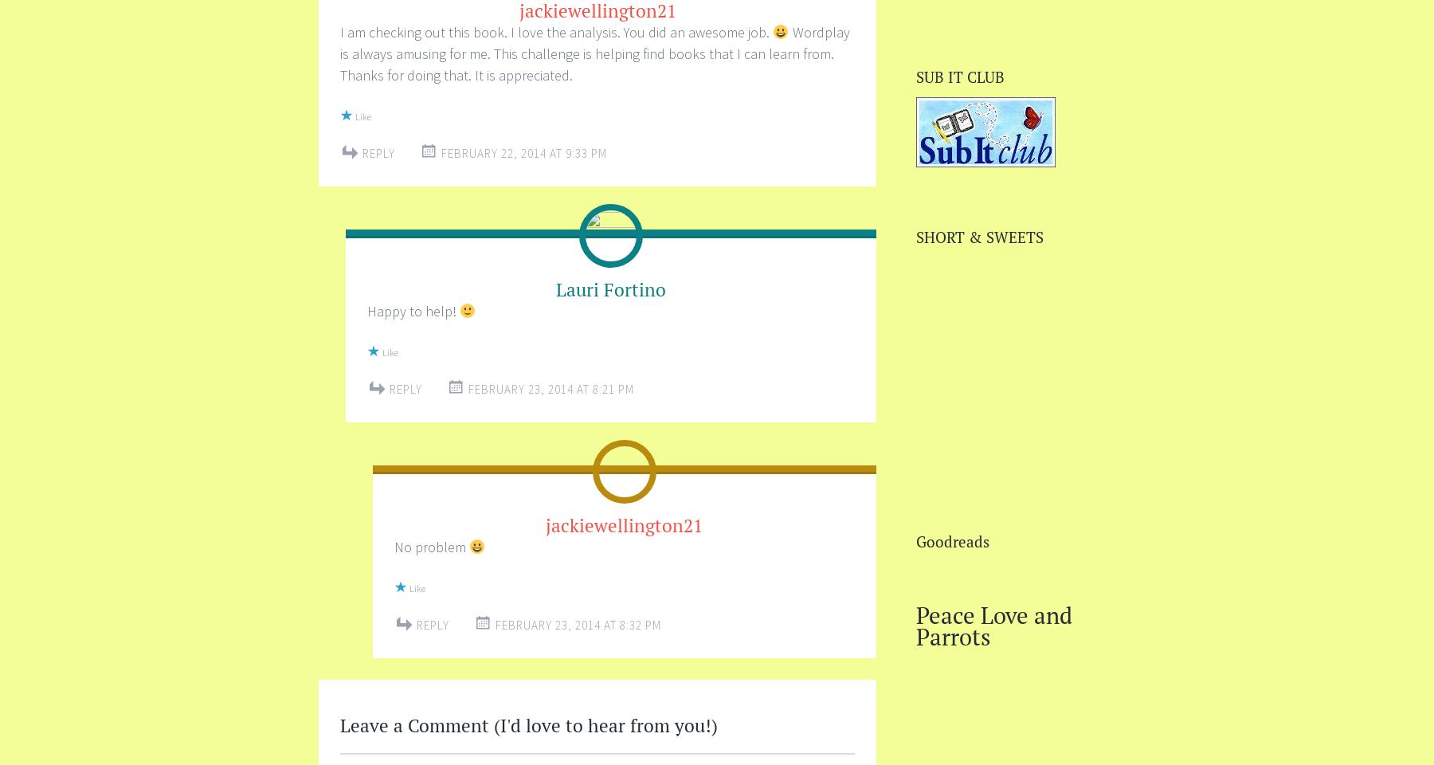 The image size is (1434, 765). Describe the element at coordinates (609, 288) in the screenshot. I see `'Lauri Fortino'` at that location.